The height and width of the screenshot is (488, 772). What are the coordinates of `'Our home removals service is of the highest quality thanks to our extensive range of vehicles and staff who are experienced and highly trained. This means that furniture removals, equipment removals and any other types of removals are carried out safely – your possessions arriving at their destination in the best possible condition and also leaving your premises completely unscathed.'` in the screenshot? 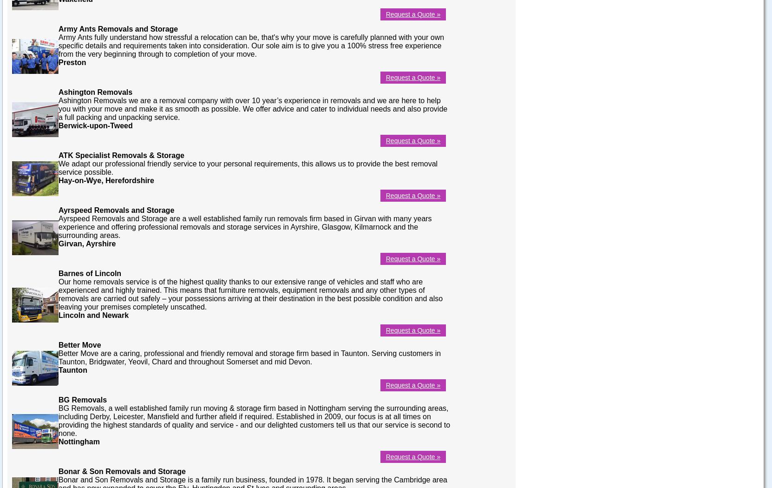 It's located at (58, 294).